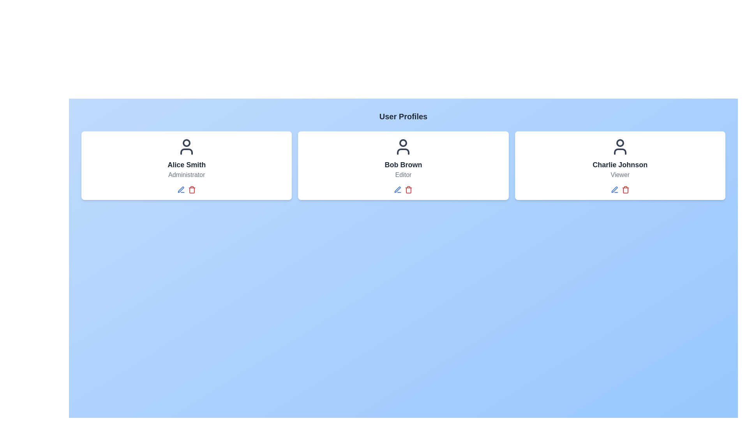  What do you see at coordinates (619, 165) in the screenshot?
I see `text label that displays the name of the person associated with the card, located in the rightmost card below the user icon and above the subtitle 'Viewer'` at bounding box center [619, 165].